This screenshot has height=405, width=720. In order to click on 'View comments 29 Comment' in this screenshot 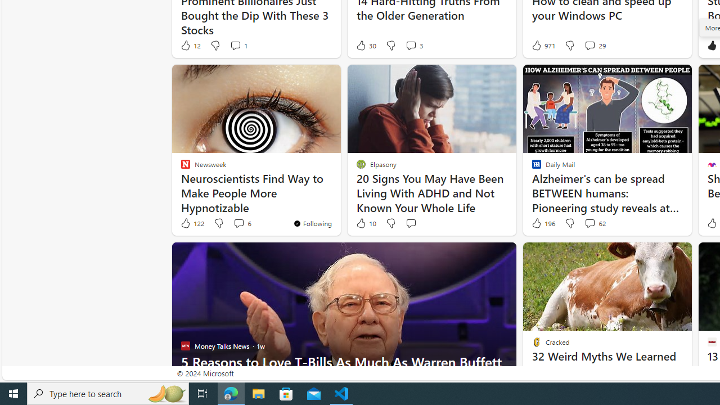, I will do `click(589, 45)`.